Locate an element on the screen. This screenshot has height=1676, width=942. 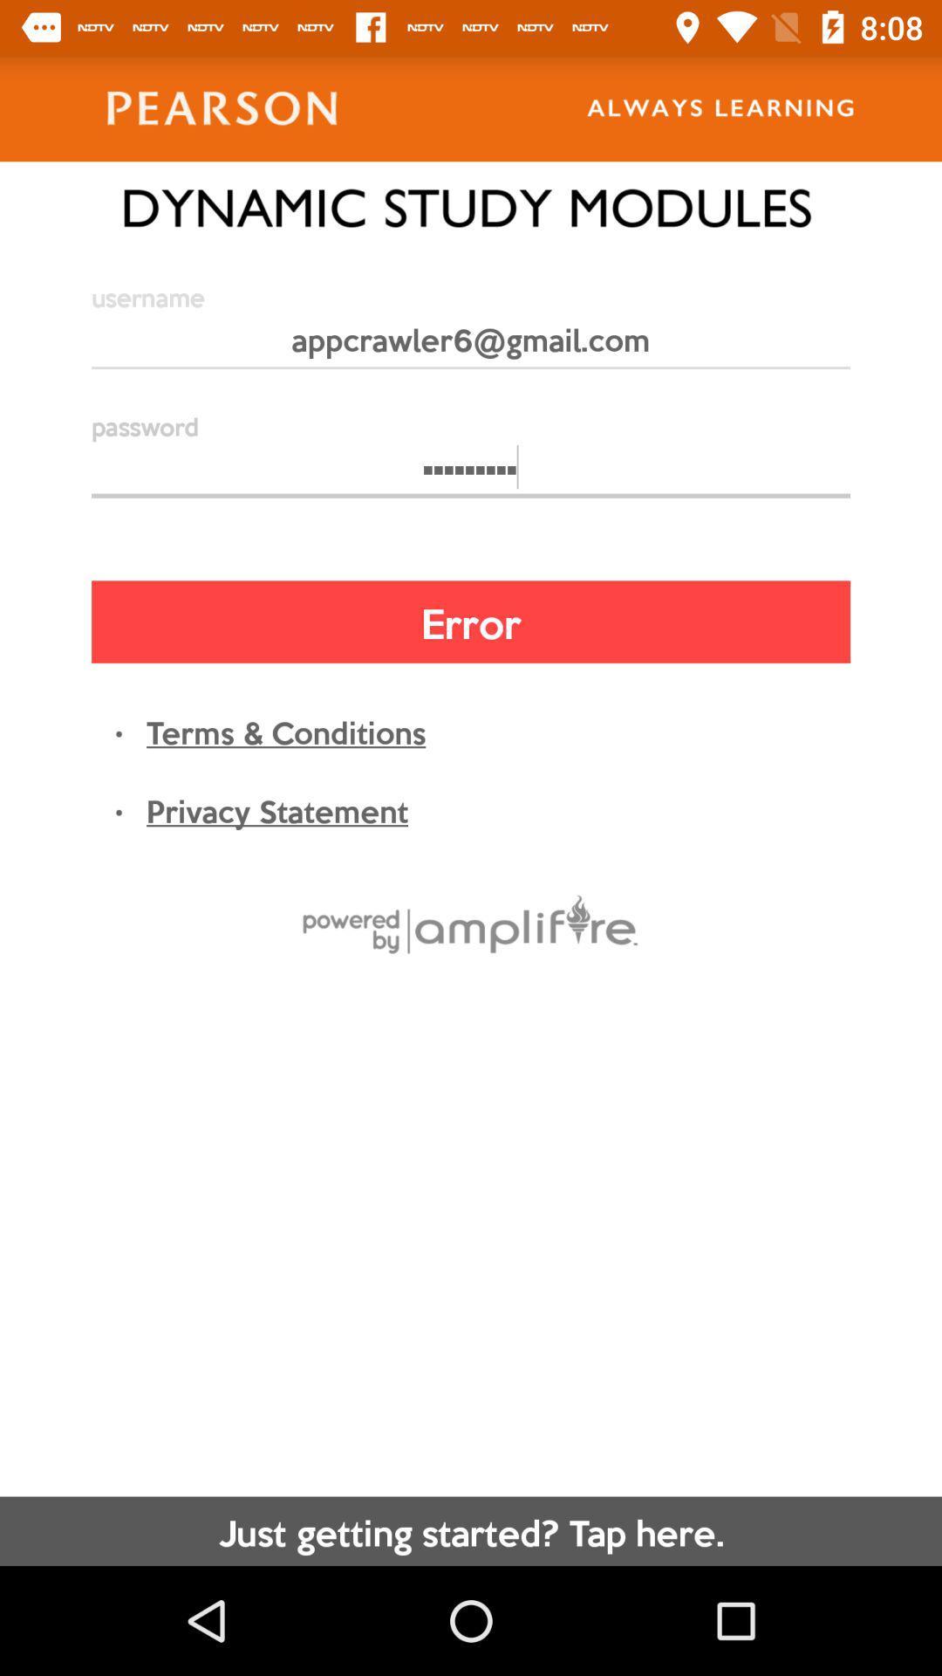
the terms & conditions is located at coordinates (285, 731).